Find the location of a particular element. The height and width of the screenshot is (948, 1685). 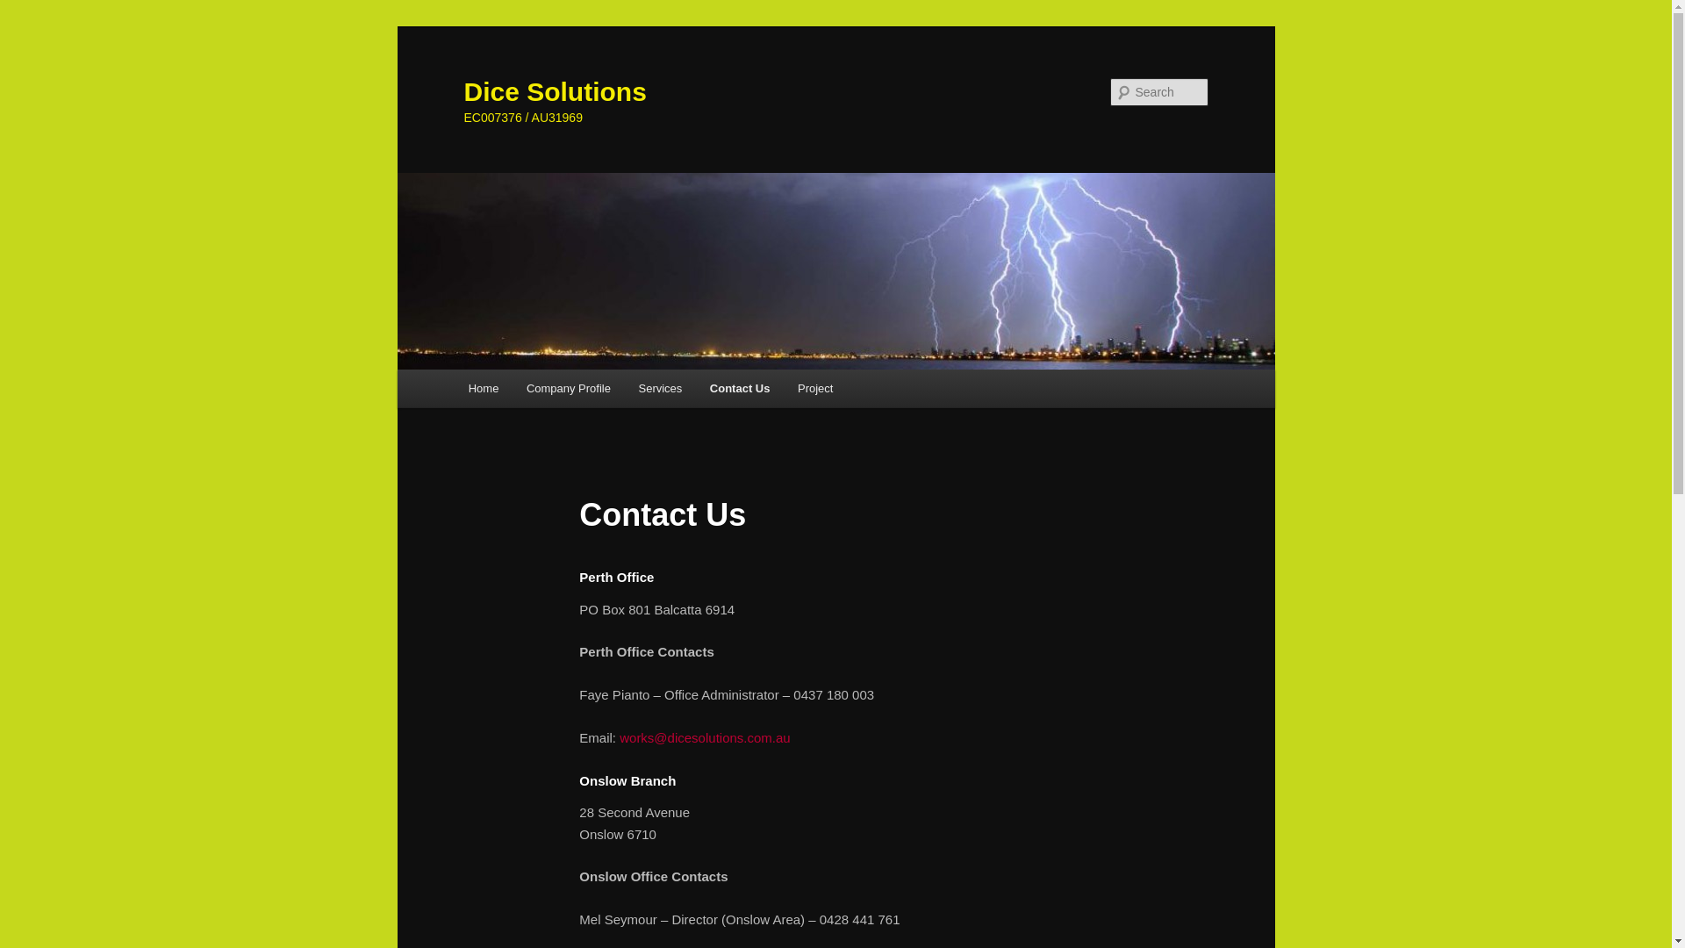

'Company Profile' is located at coordinates (569, 387).